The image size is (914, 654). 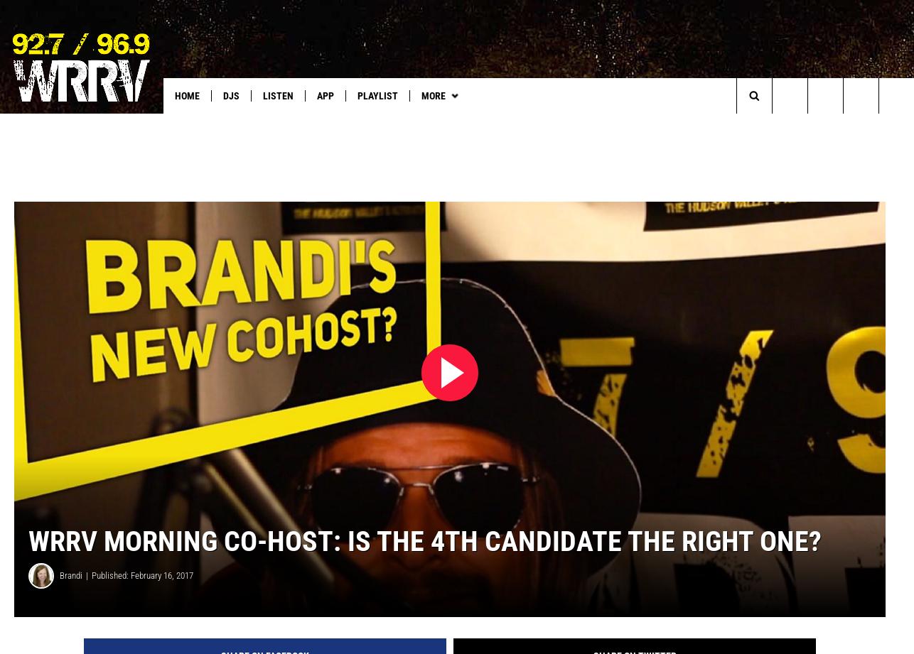 What do you see at coordinates (324, 96) in the screenshot?
I see `'App'` at bounding box center [324, 96].